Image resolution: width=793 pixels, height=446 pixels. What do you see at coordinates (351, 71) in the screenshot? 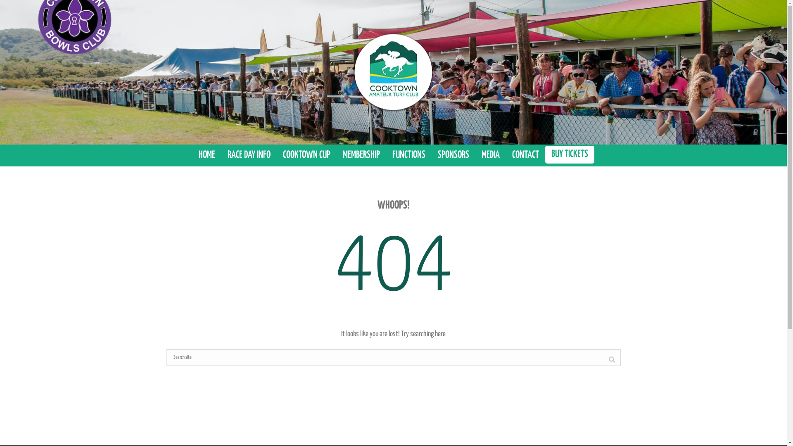
I see `'Cooktown Amateurs Turf Club'` at bounding box center [351, 71].